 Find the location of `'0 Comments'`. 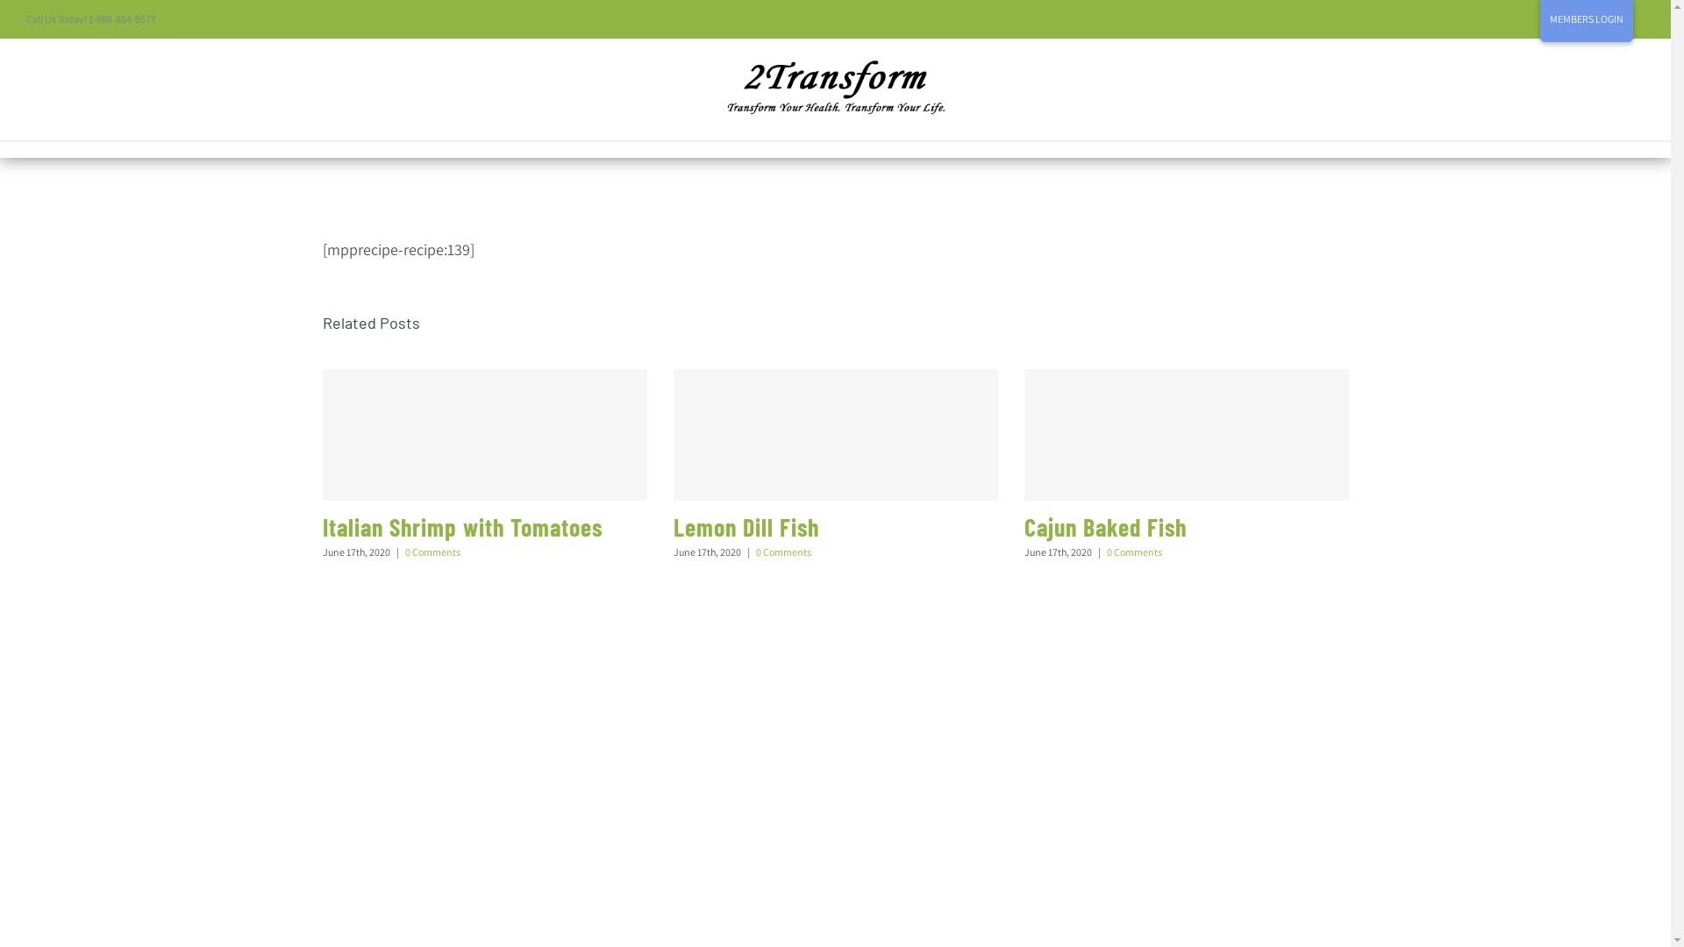

'0 Comments' is located at coordinates (756, 551).